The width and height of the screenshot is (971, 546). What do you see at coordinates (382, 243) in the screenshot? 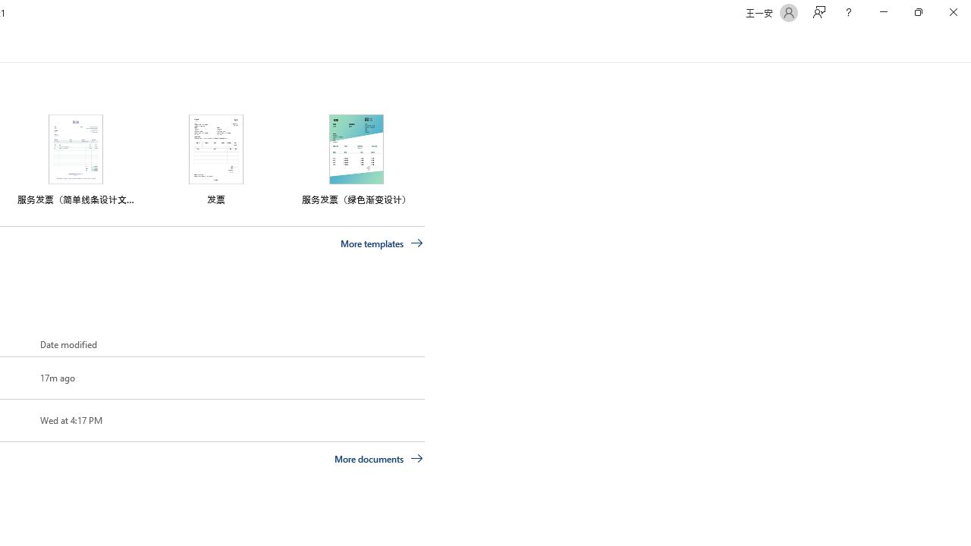
I see `'More templates'` at bounding box center [382, 243].